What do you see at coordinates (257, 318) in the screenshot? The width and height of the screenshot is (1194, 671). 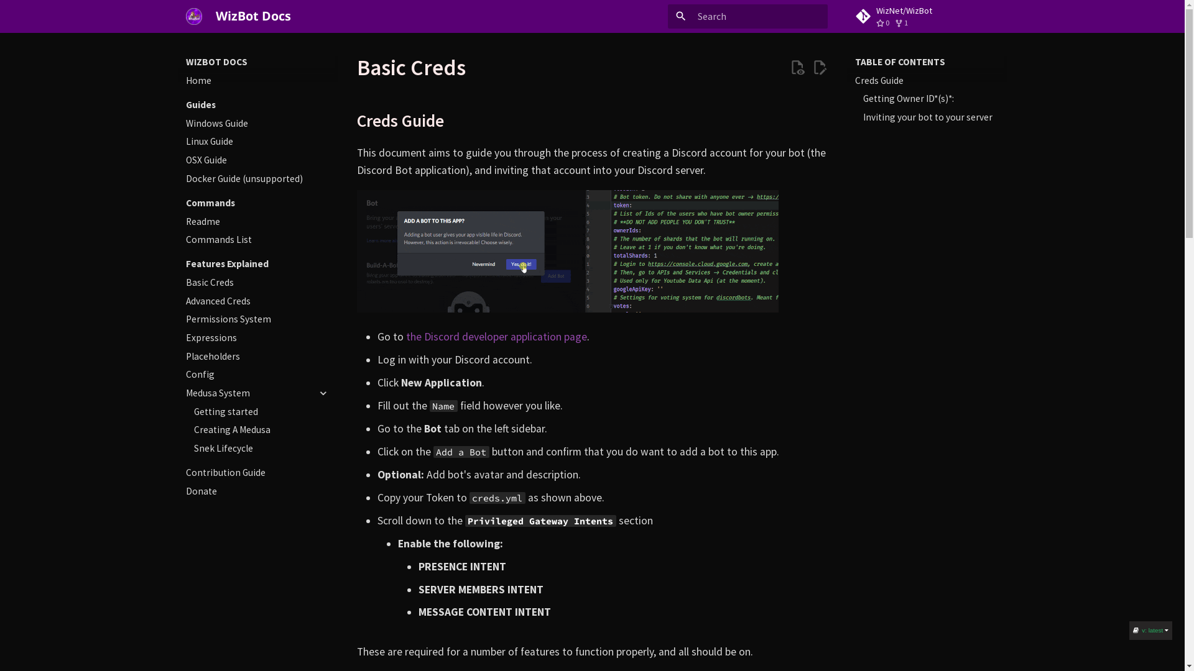 I see `'Permissions System'` at bounding box center [257, 318].